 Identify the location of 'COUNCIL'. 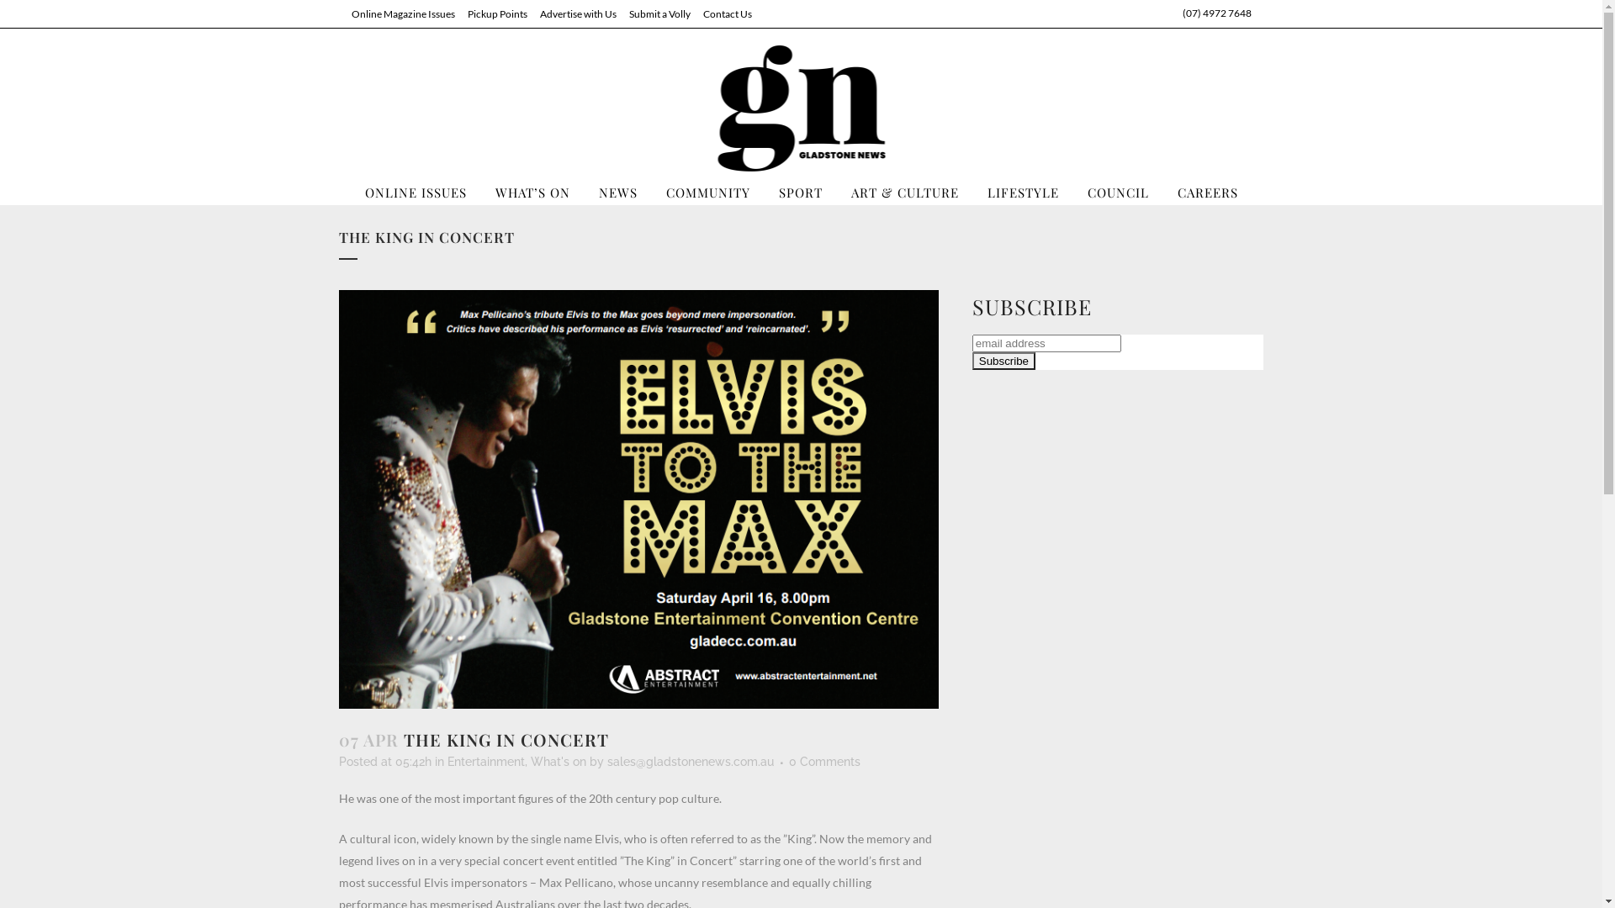
(1072, 191).